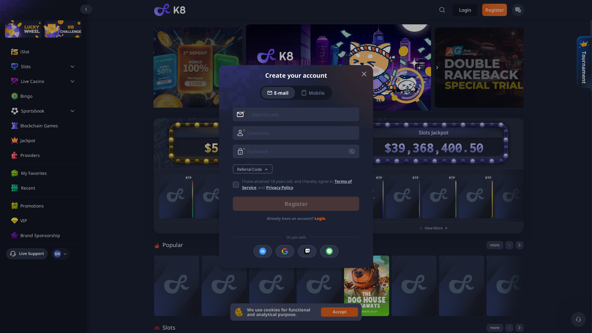 The width and height of the screenshot is (592, 333). What do you see at coordinates (47, 125) in the screenshot?
I see `'Blockchain Games'` at bounding box center [47, 125].